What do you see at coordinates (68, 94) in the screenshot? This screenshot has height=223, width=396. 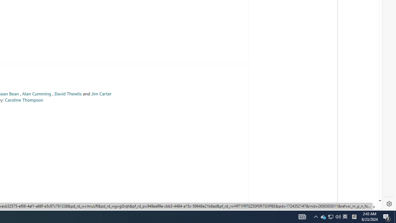 I see `'David Thewlis'` at bounding box center [68, 94].